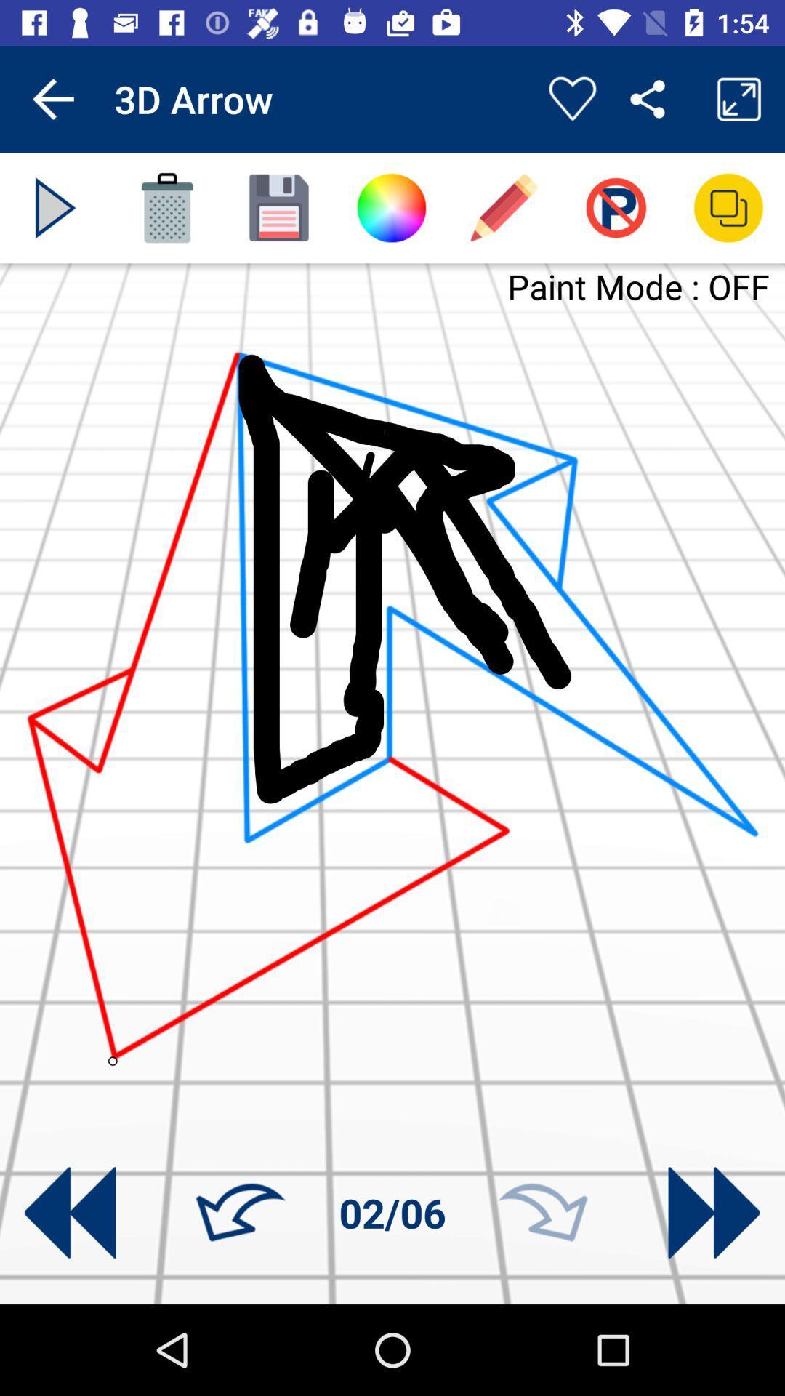 This screenshot has height=1396, width=785. I want to click on go next, so click(713, 1213).